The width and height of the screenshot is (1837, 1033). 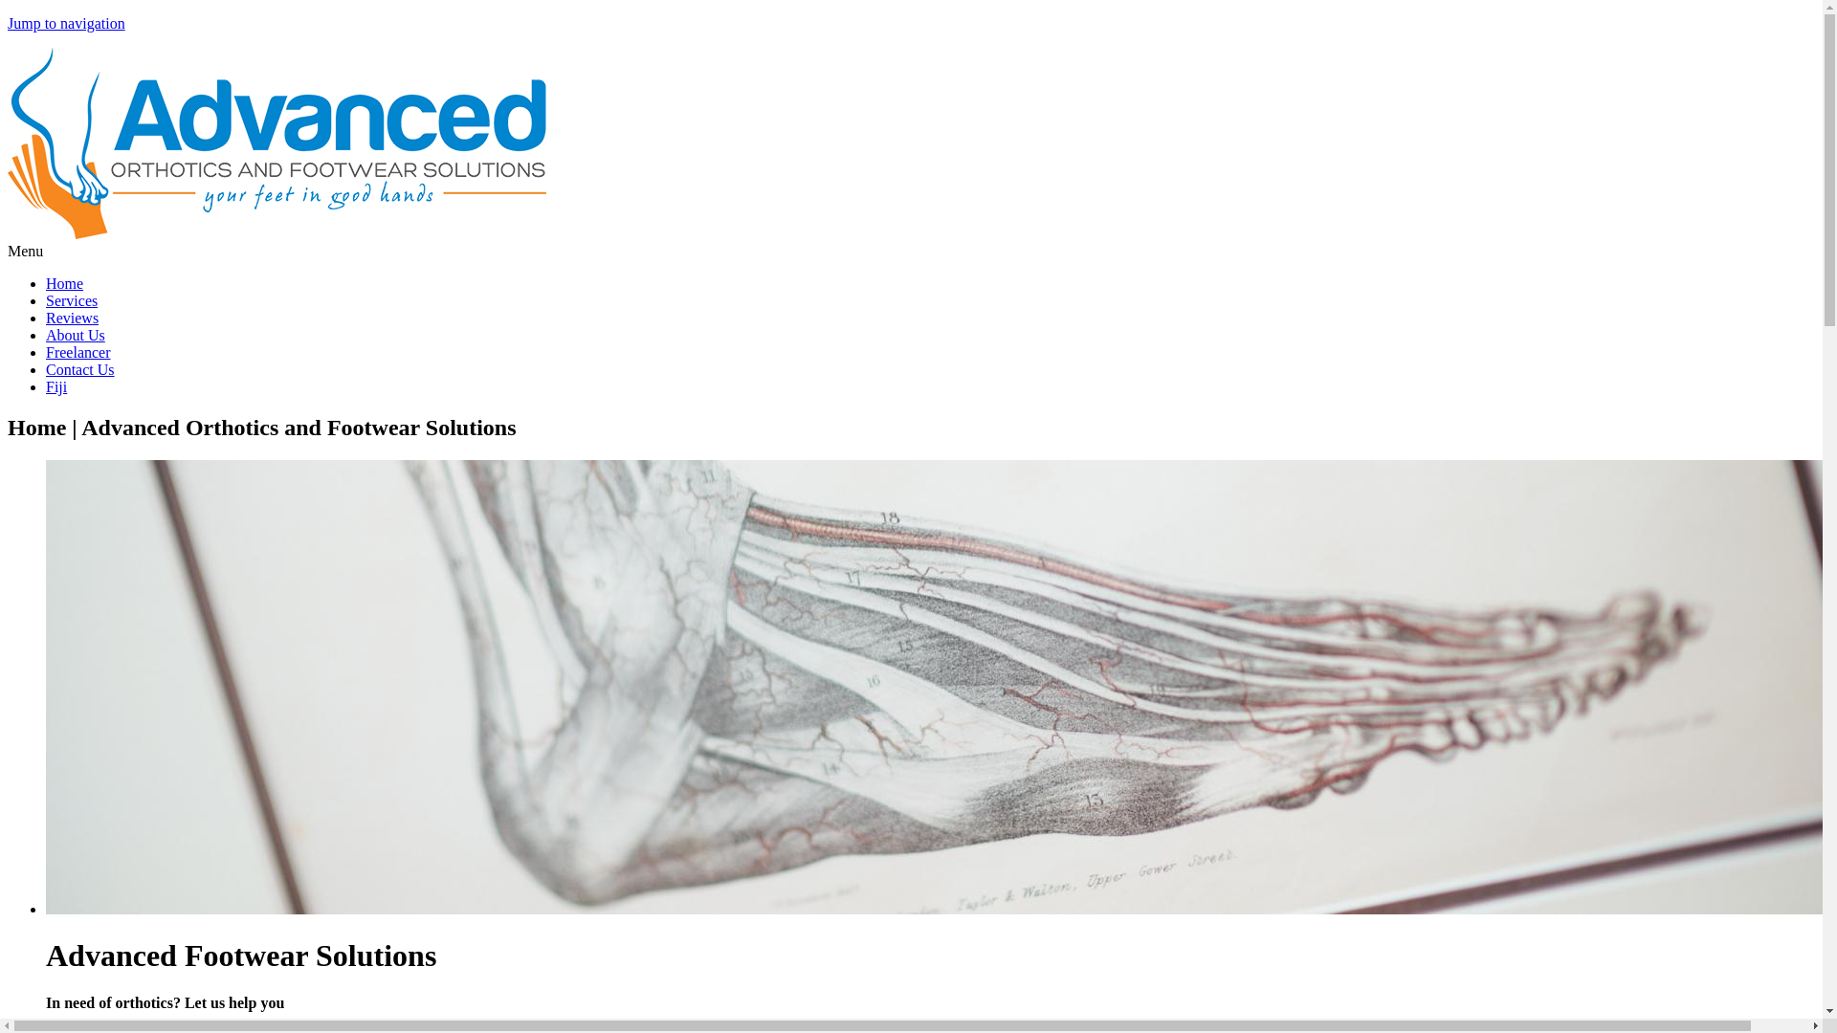 I want to click on 'Home', so click(x=64, y=283).